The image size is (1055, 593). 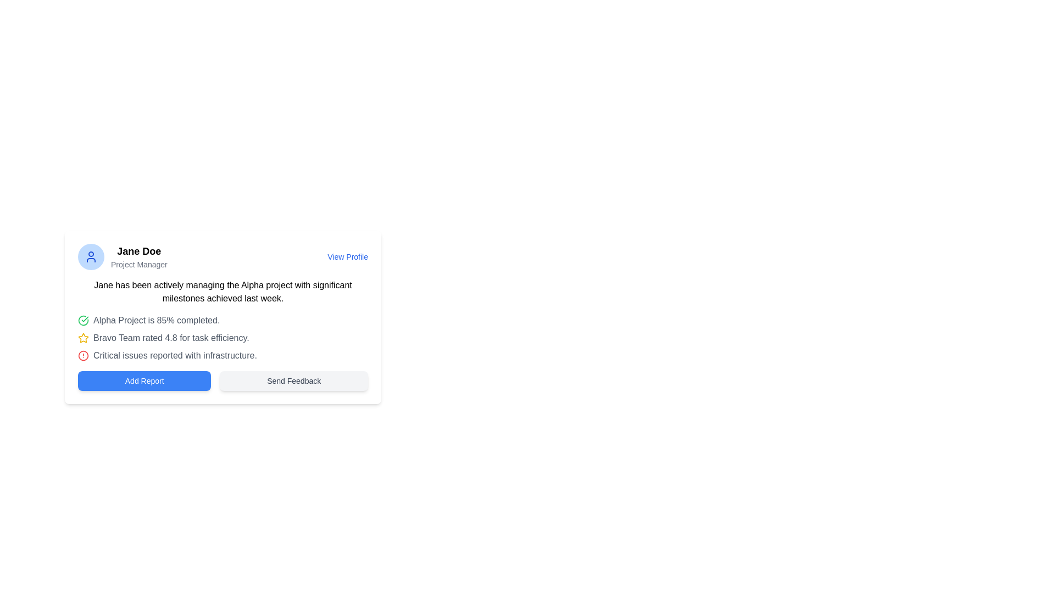 What do you see at coordinates (223, 338) in the screenshot?
I see `information from the informative row containing a yellow star icon and the text 'Bravo Team rated 4.8 for task efficiency.'` at bounding box center [223, 338].